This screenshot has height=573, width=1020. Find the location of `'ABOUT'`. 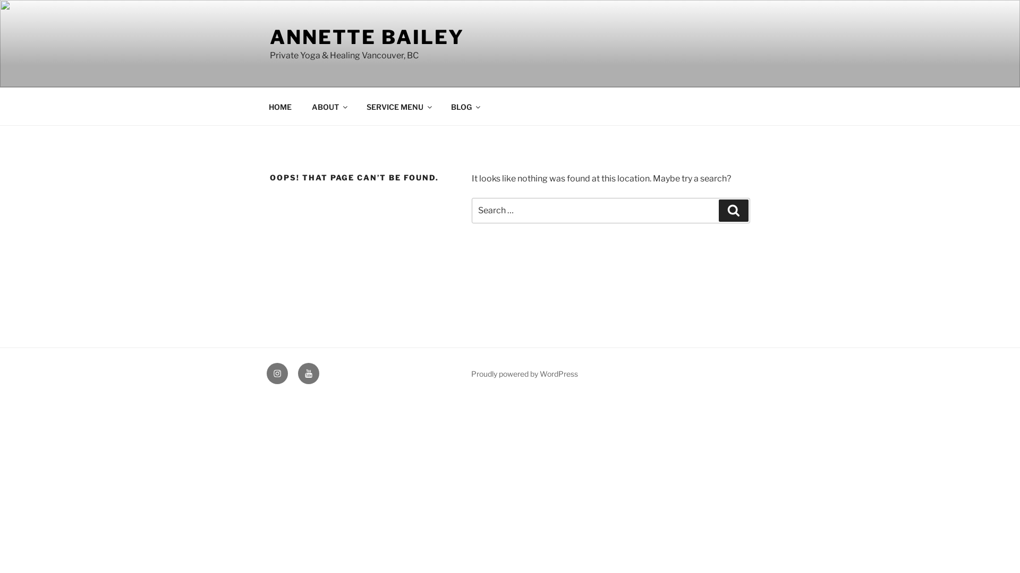

'ABOUT' is located at coordinates (328, 106).